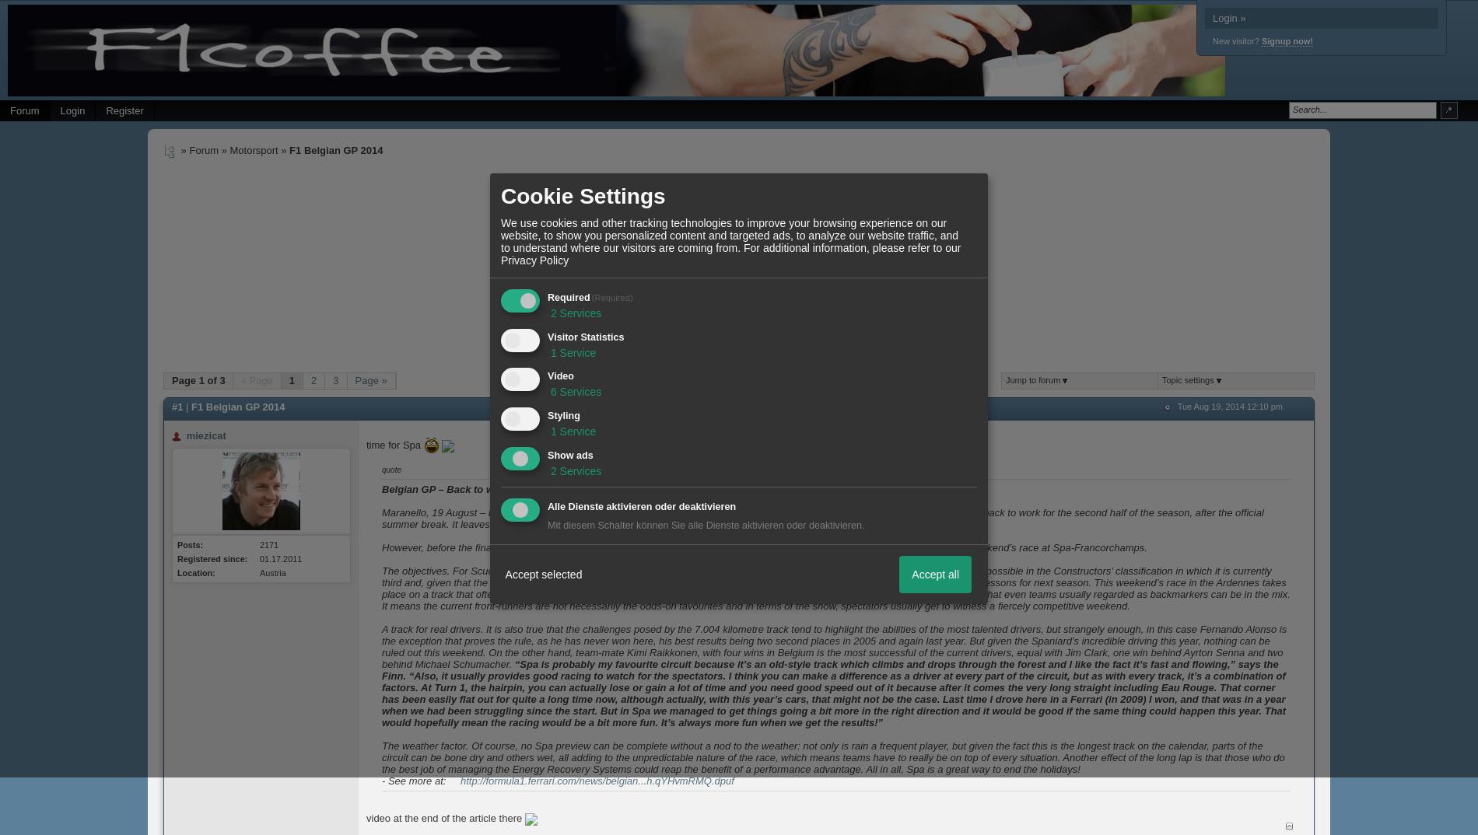 The height and width of the screenshot is (835, 1478). I want to click on 'Location:', so click(194, 572).